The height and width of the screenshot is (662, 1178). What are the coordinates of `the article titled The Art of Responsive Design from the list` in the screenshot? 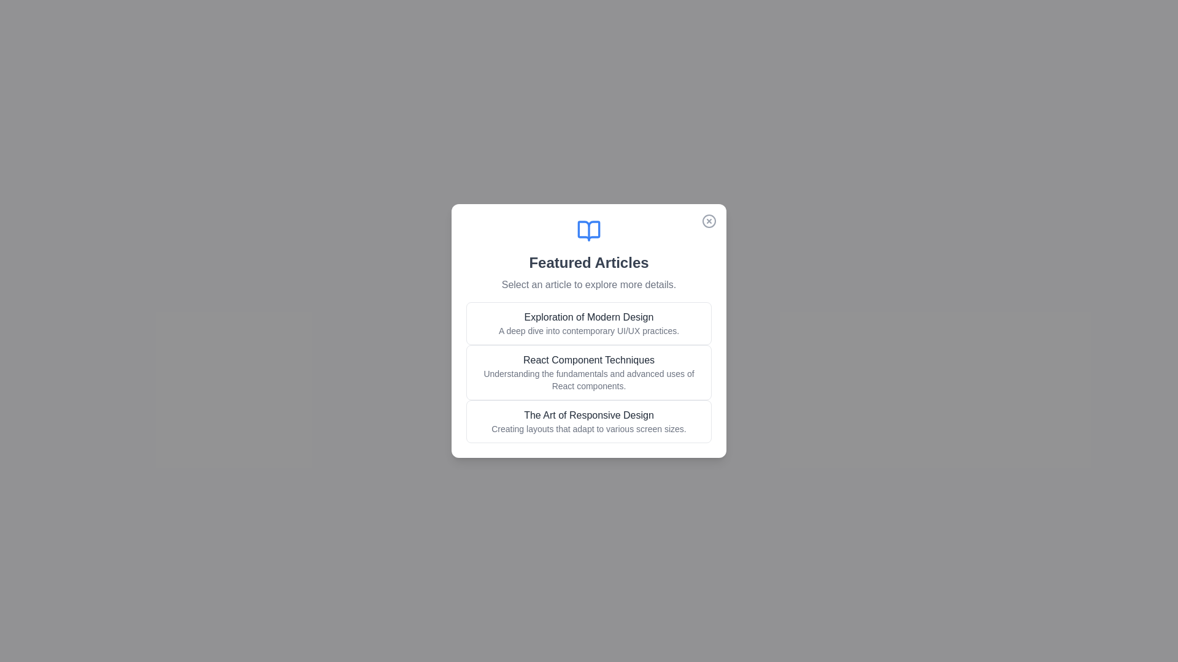 It's located at (589, 420).